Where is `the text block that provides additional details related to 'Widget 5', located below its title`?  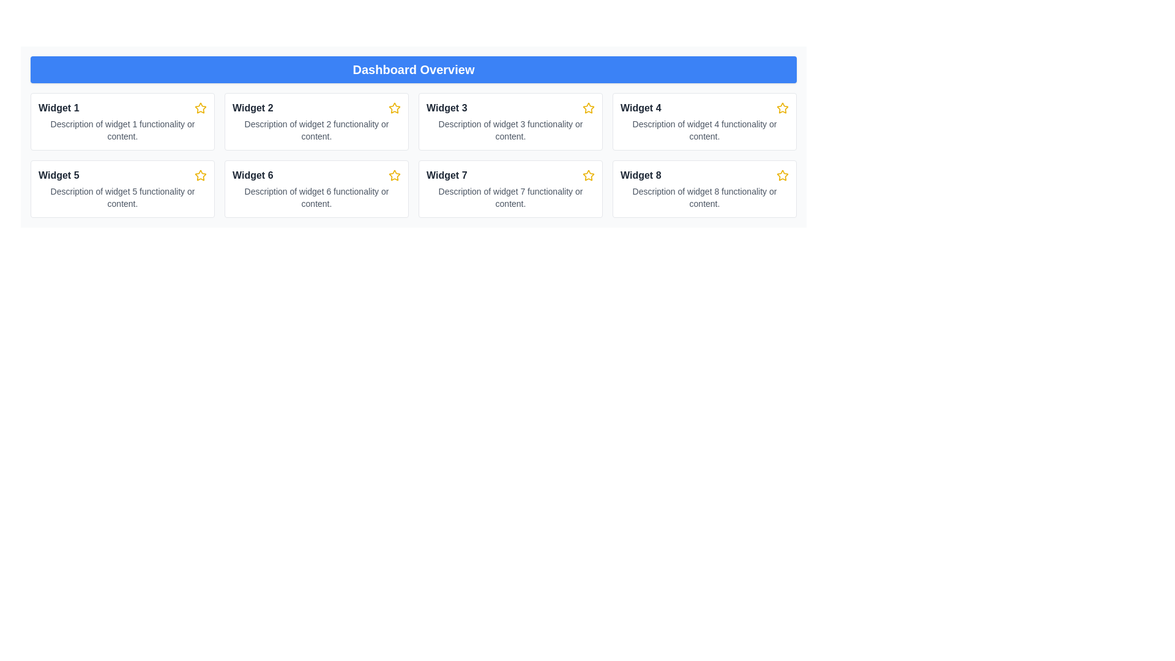 the text block that provides additional details related to 'Widget 5', located below its title is located at coordinates (122, 197).